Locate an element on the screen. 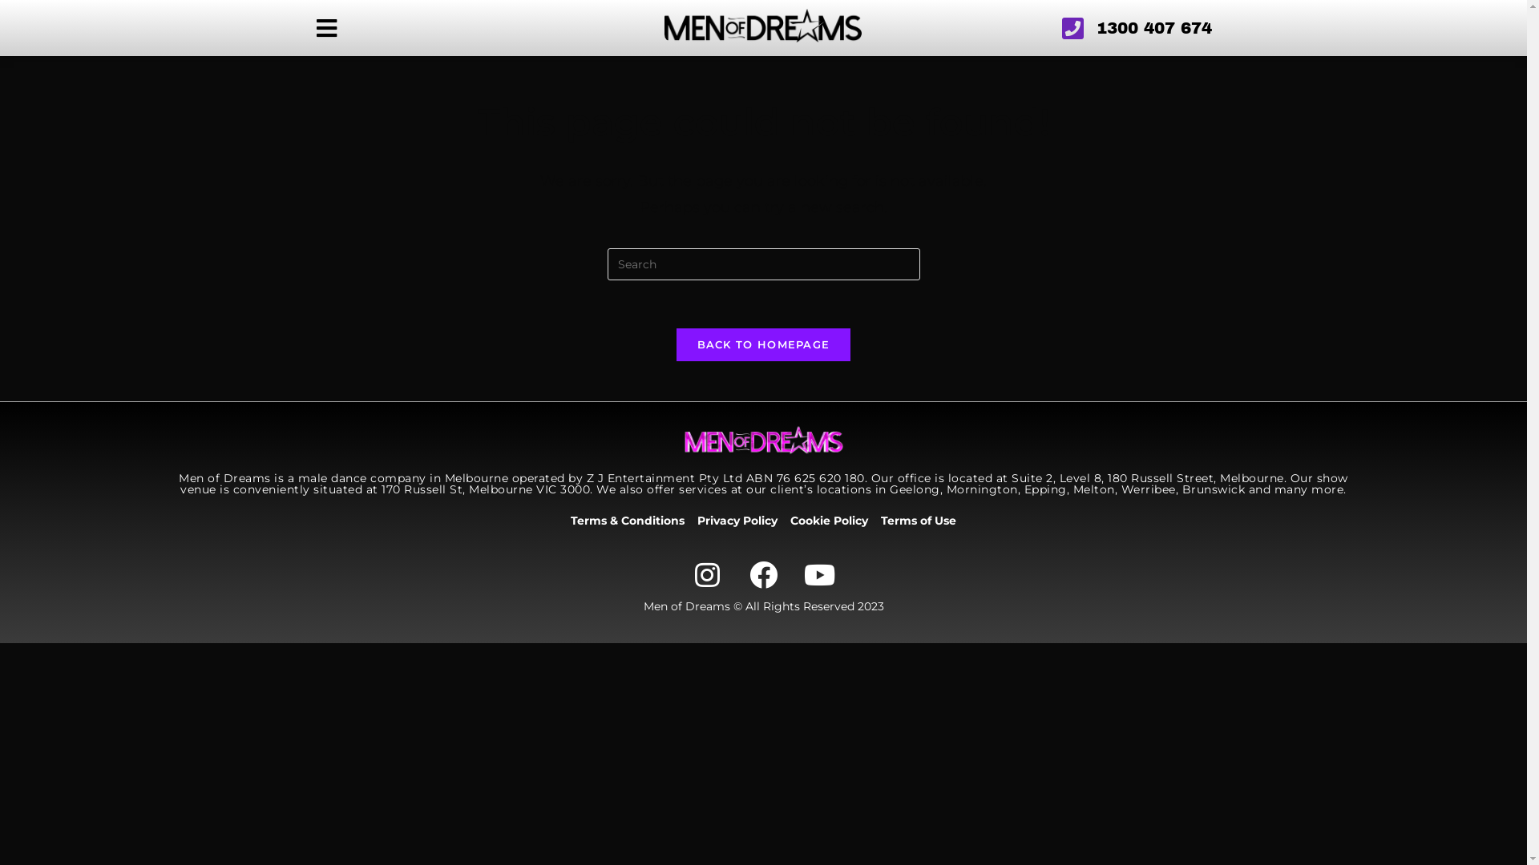 Image resolution: width=1539 pixels, height=865 pixels. 'Terms & Conditions' is located at coordinates (626, 521).